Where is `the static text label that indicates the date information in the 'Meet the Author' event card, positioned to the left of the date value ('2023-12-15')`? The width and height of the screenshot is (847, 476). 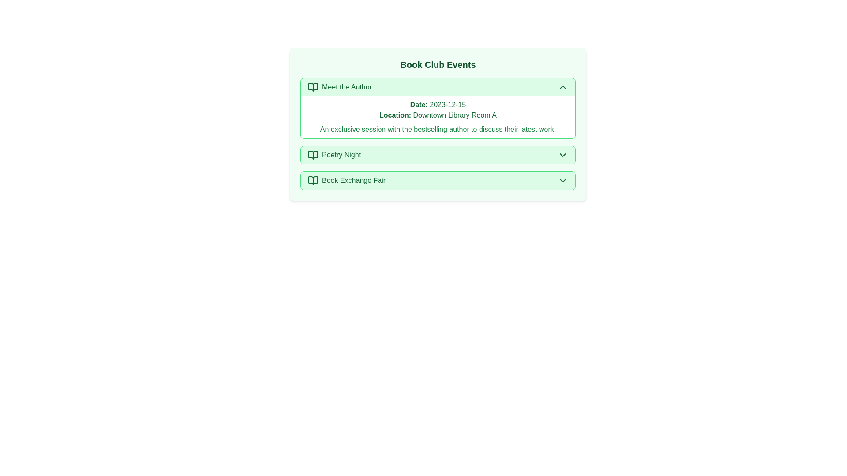
the static text label that indicates the date information in the 'Meet the Author' event card, positioned to the left of the date value ('2023-12-15') is located at coordinates (418, 104).